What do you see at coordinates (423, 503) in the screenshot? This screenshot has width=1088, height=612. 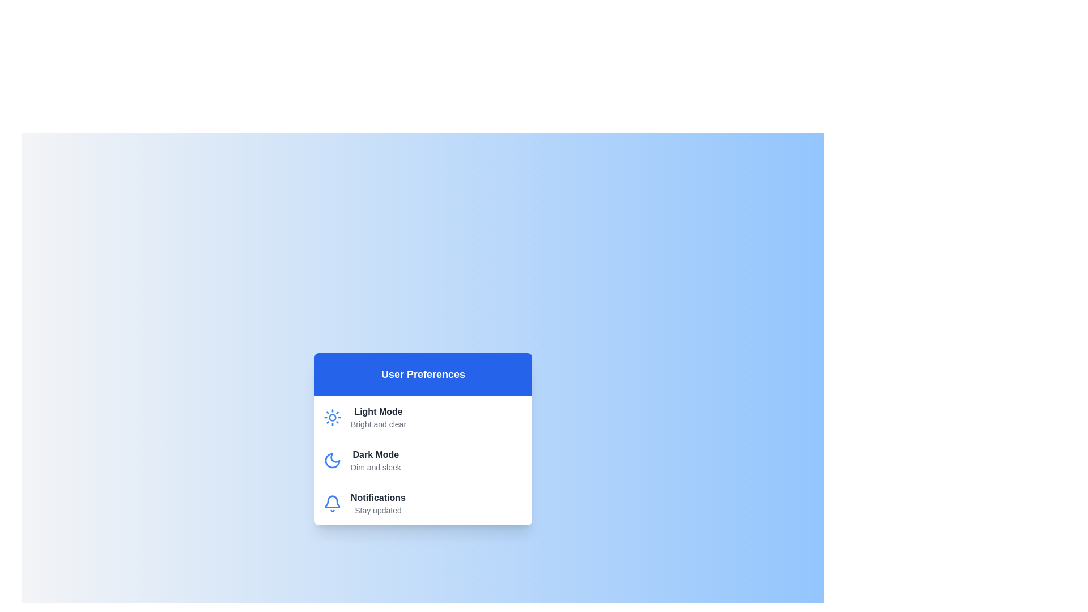 I see `the theme Notifications by clicking on its corresponding list item` at bounding box center [423, 503].